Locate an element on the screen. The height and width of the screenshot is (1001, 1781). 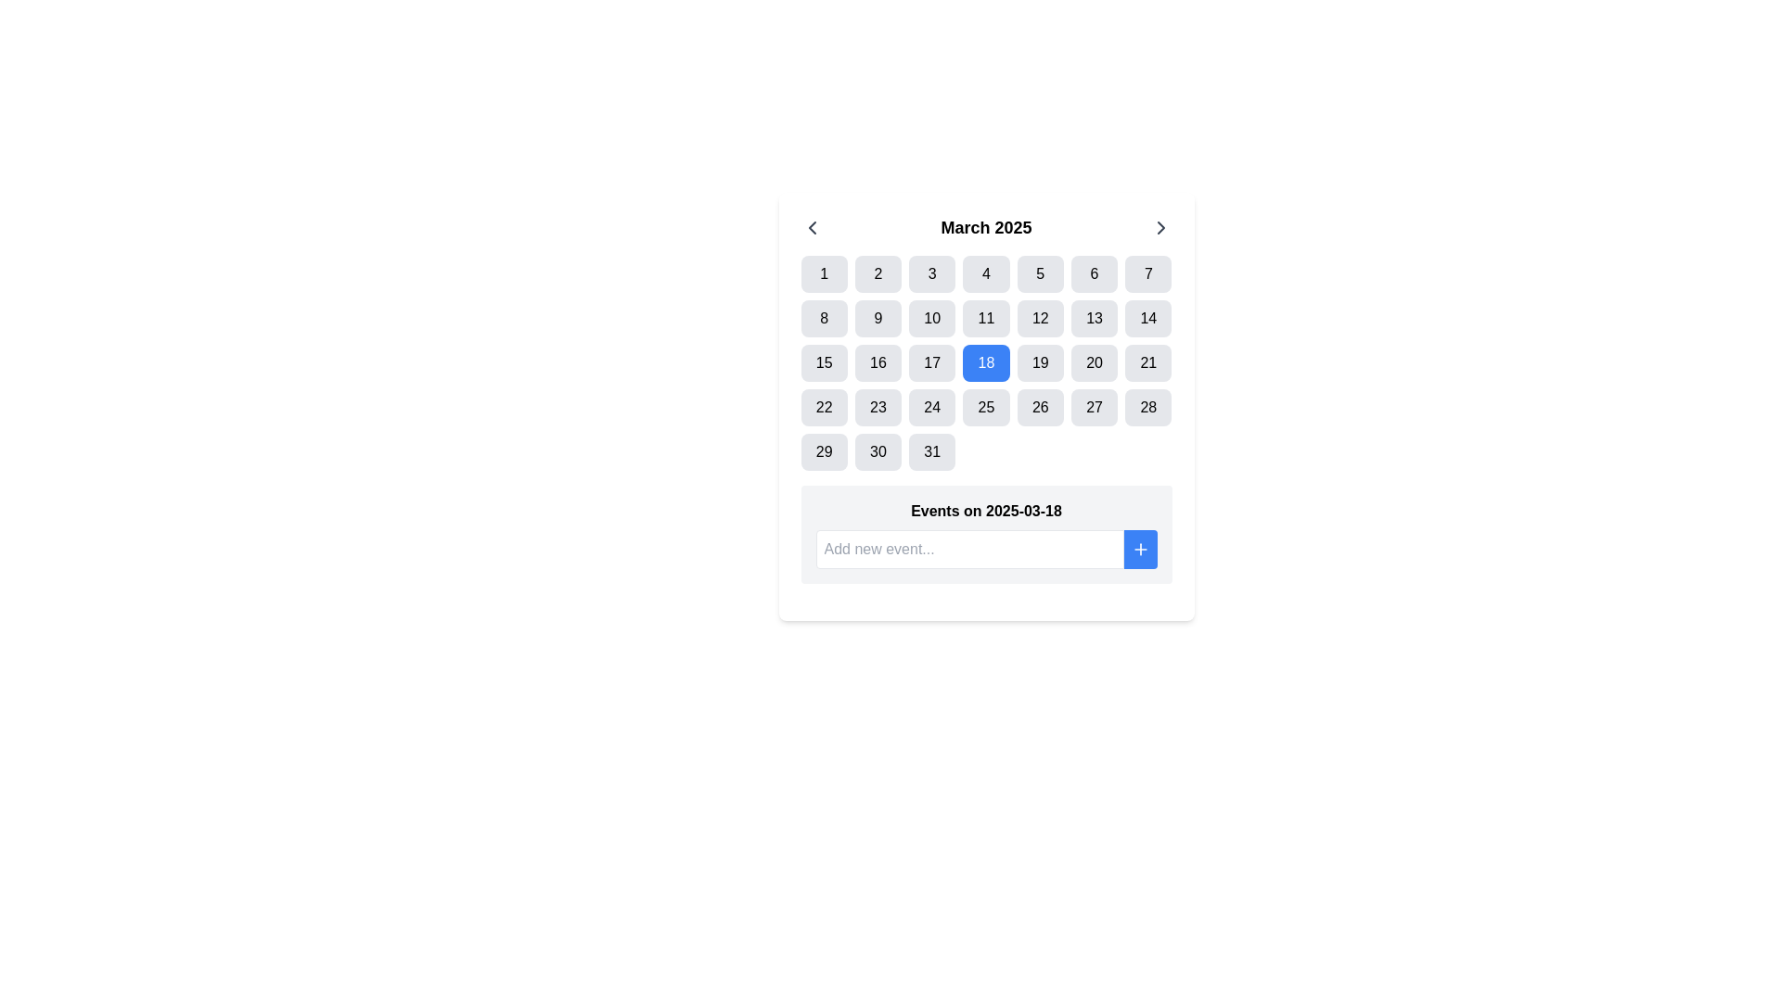
the gray button labeled '29' located in the bottom-left corner of the calendar grid is located at coordinates (823, 452).